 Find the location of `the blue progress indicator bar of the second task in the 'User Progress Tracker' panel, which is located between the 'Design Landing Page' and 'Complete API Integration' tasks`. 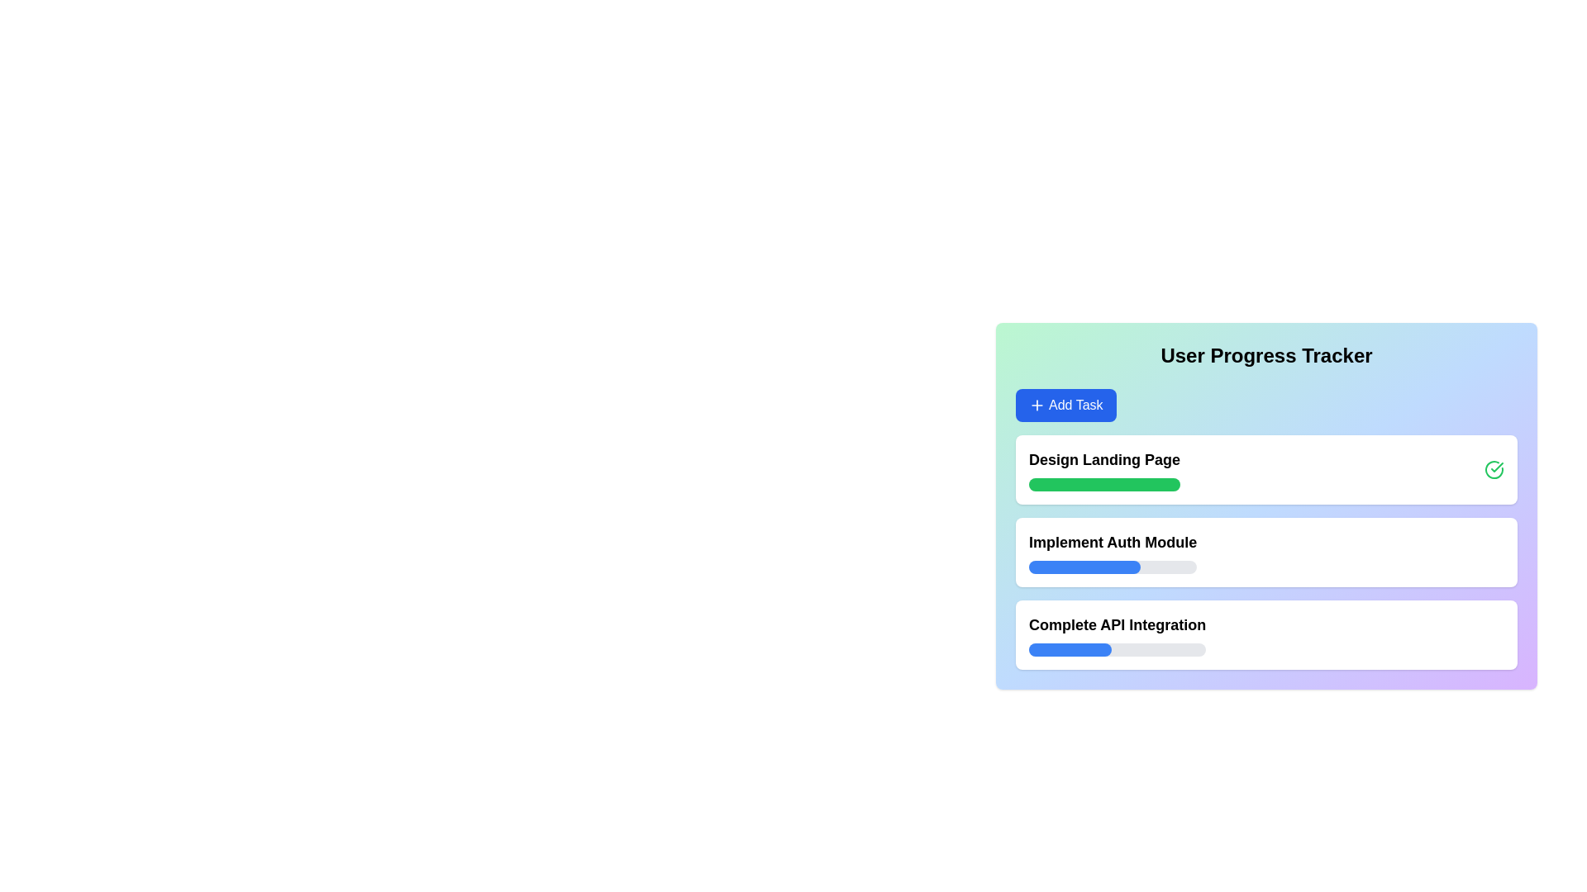

the blue progress indicator bar of the second task in the 'User Progress Tracker' panel, which is located between the 'Design Landing Page' and 'Complete API Integration' tasks is located at coordinates (1082, 566).